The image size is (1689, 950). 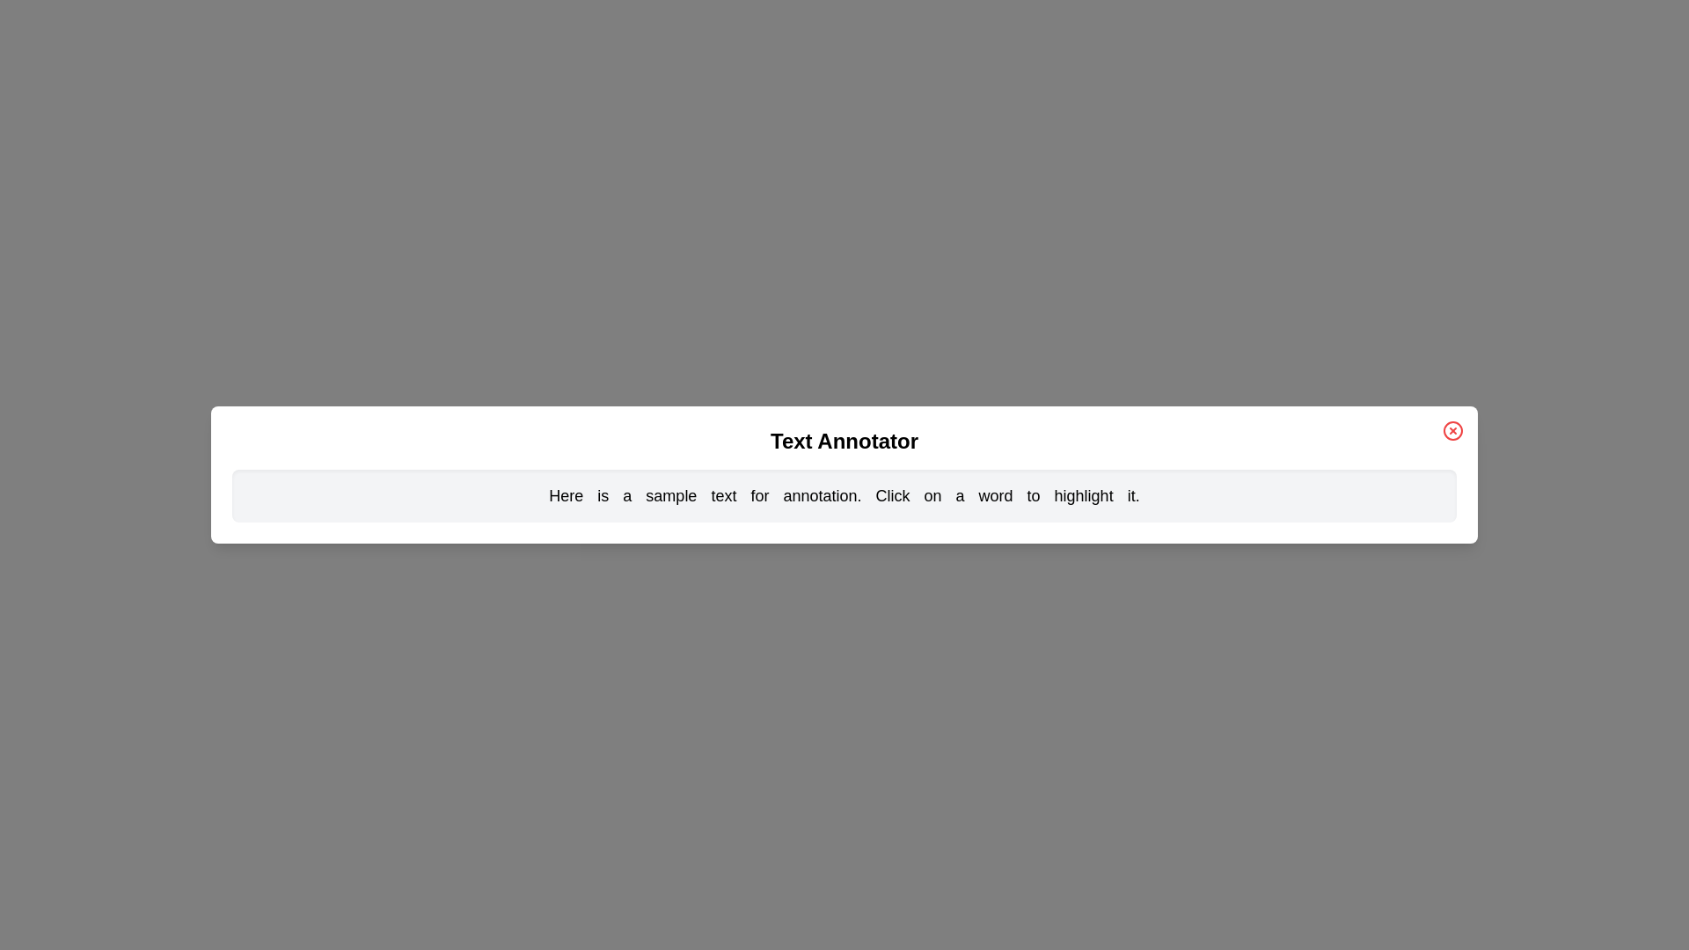 I want to click on the word 'annotation.' to toggle its highlighting, so click(x=822, y=495).